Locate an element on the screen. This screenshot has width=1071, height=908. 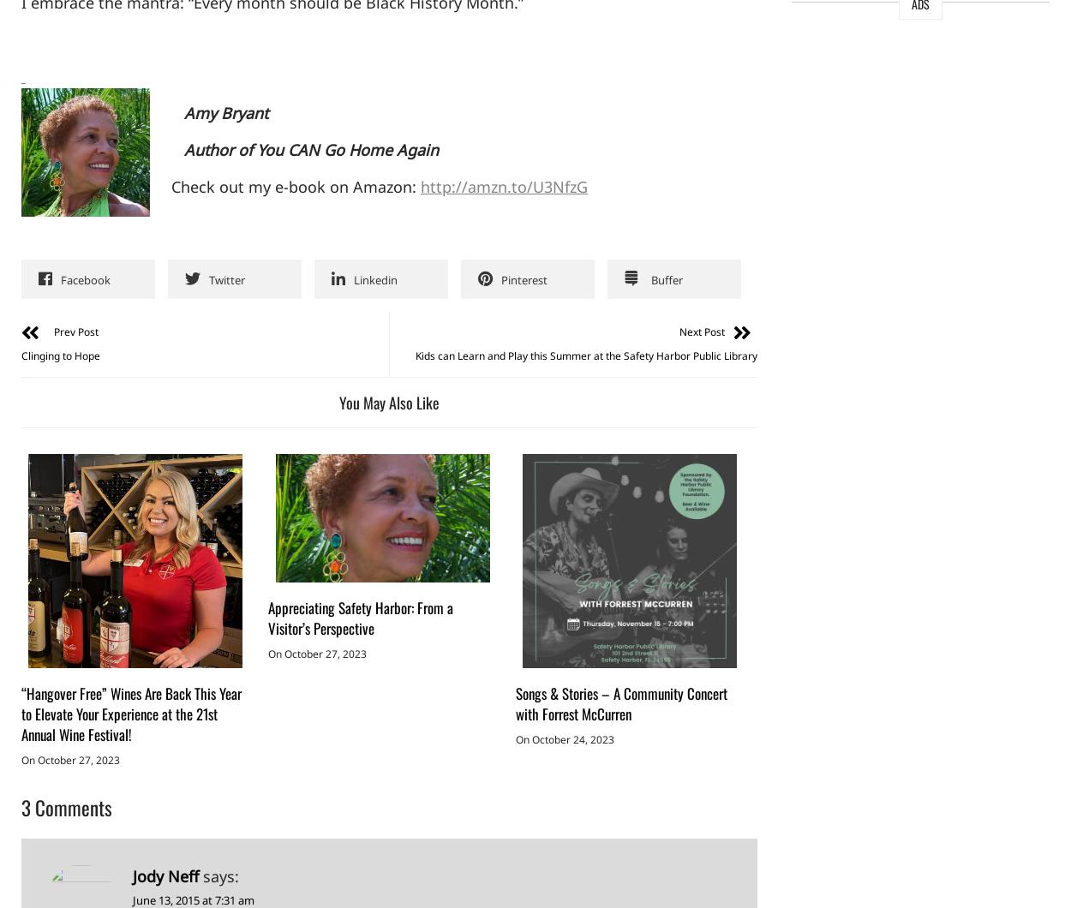
'Twitter' is located at coordinates (227, 280).